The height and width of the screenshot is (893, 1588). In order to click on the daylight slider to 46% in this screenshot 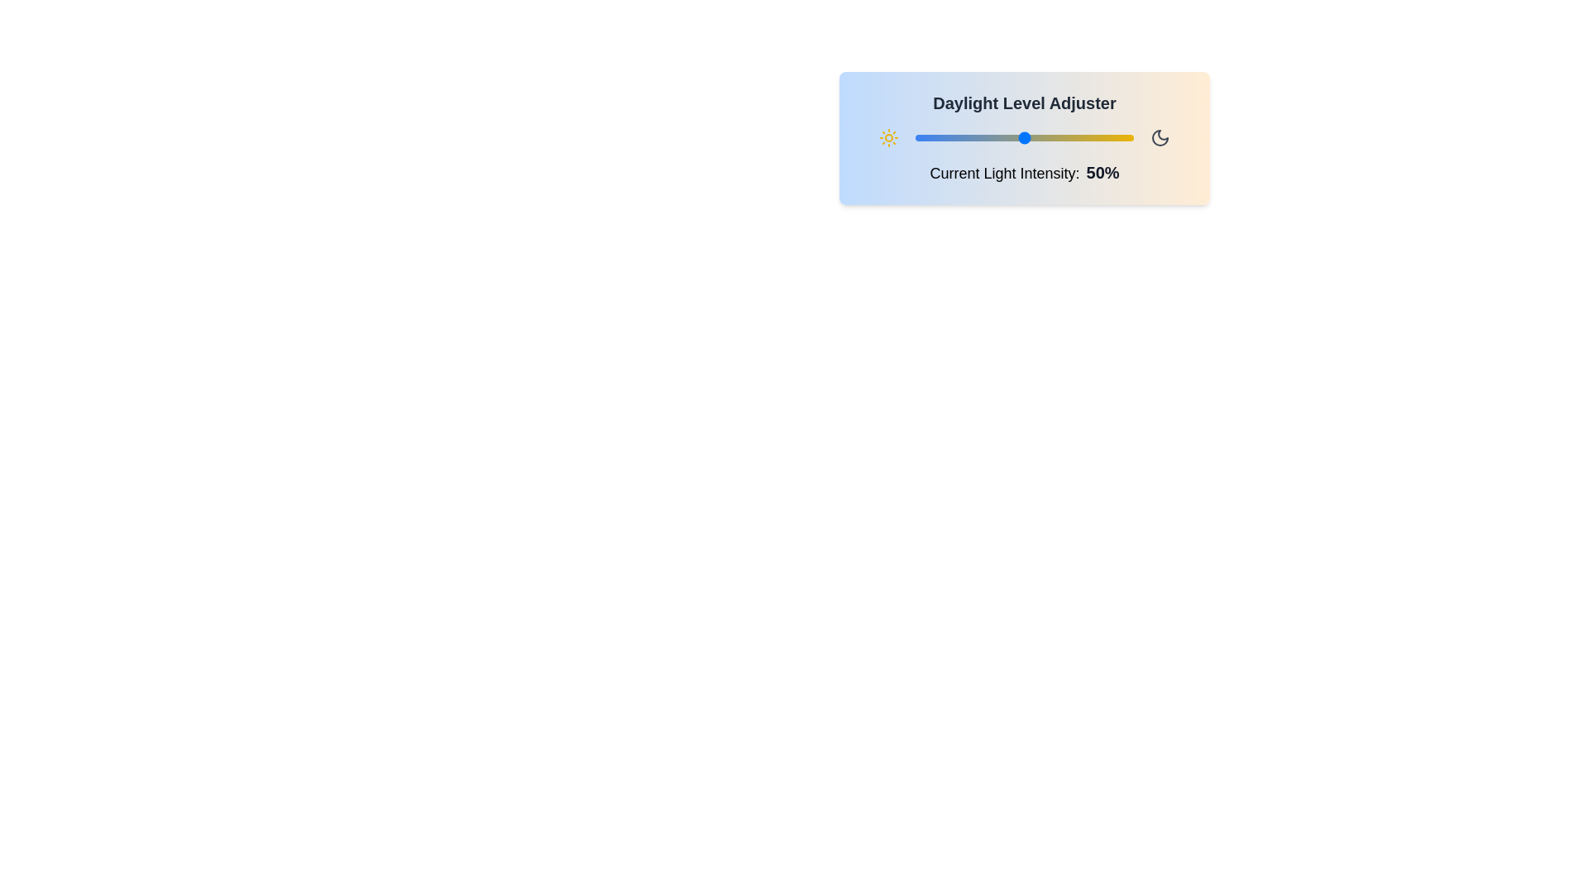, I will do `click(1015, 136)`.